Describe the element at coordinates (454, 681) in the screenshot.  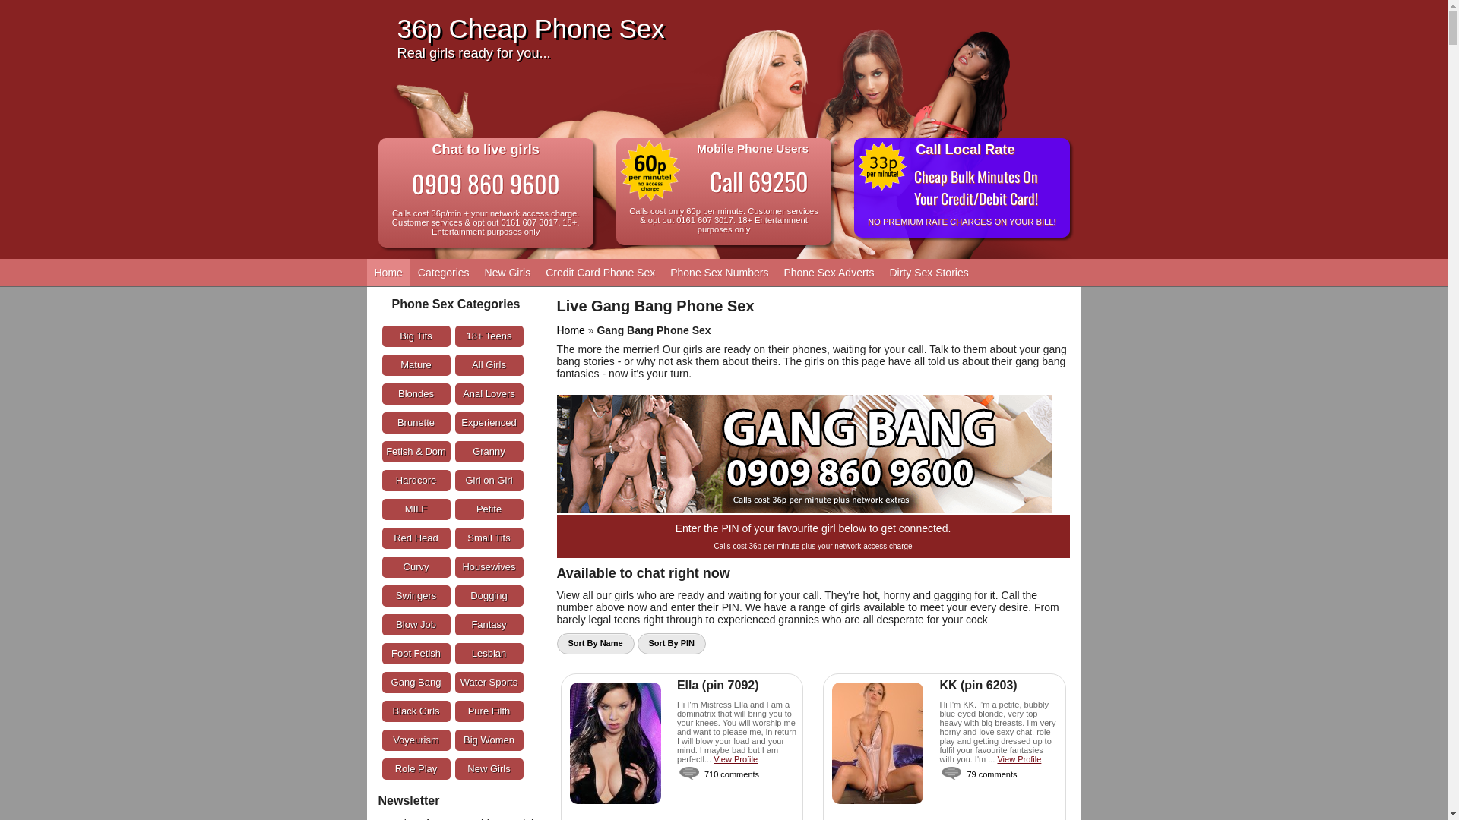
I see `'Water Sports'` at that location.